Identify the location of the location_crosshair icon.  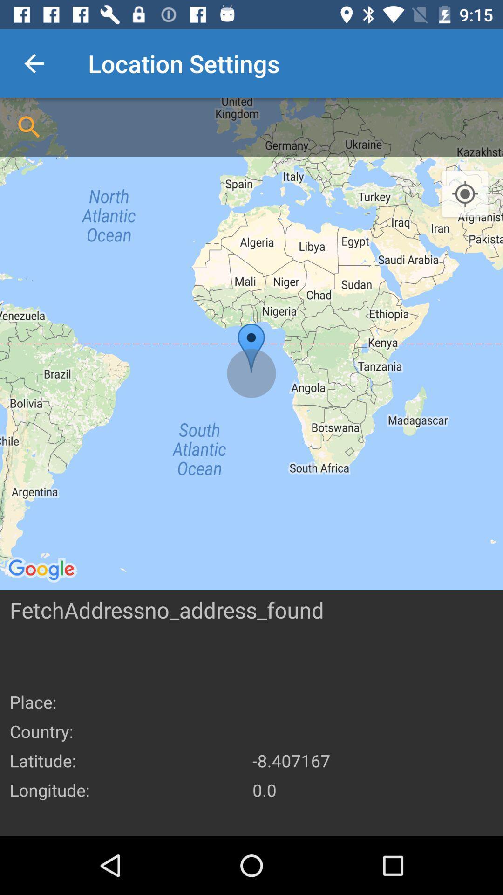
(465, 194).